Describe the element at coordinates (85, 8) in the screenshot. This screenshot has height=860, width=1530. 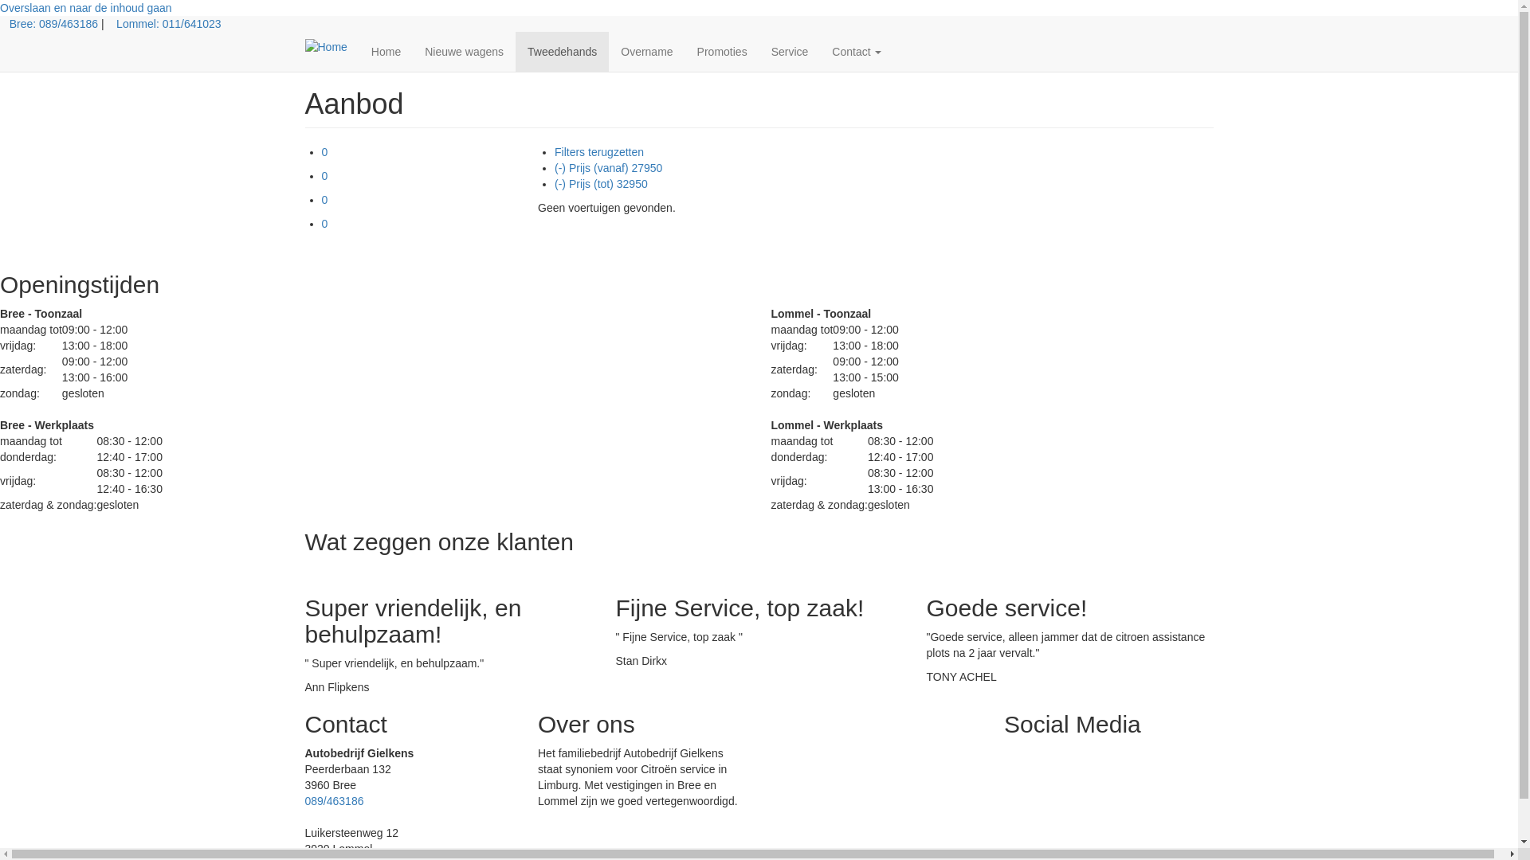
I see `'Overslaan en naar de inhoud gaan'` at that location.